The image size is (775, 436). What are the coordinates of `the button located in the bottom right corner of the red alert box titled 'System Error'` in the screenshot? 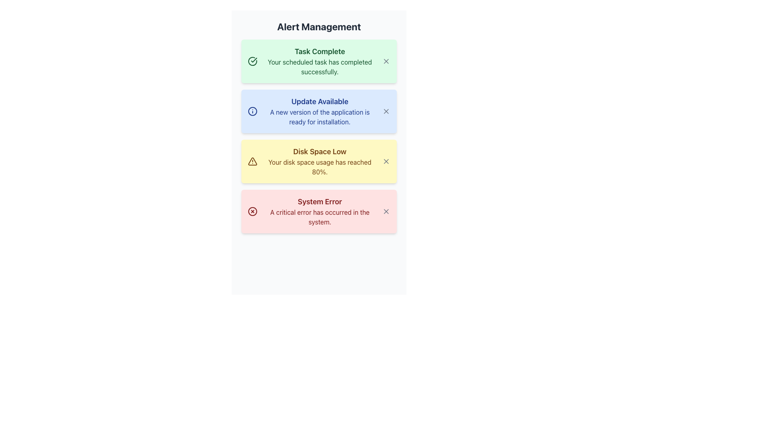 It's located at (385, 211).